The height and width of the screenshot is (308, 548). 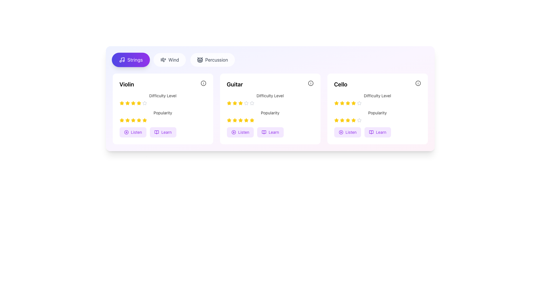 I want to click on the third star in the interactive star rating system for the 'Violin' item to rate it, so click(x=133, y=103).